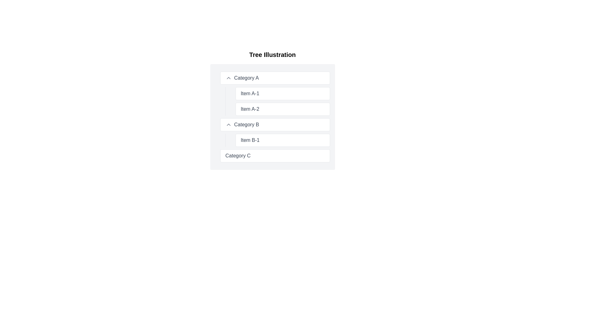  Describe the element at coordinates (228, 125) in the screenshot. I see `the upward-pointing gray chevron icon located to the left of the 'Category B' text` at that location.